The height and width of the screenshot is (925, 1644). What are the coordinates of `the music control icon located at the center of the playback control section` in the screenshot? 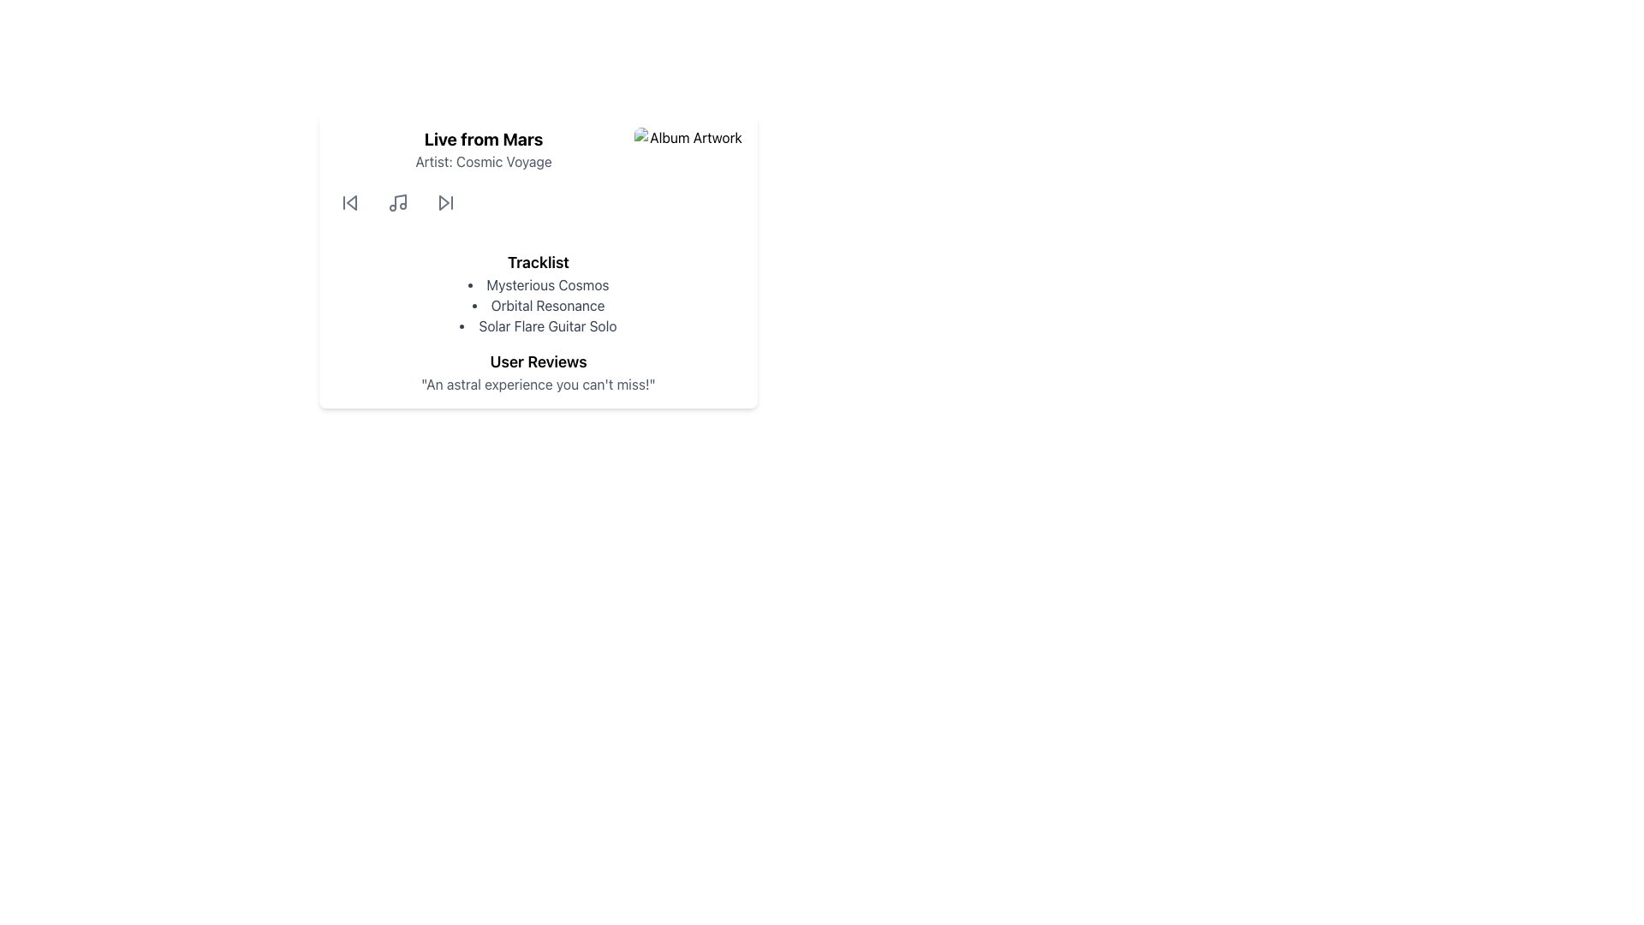 It's located at (397, 201).